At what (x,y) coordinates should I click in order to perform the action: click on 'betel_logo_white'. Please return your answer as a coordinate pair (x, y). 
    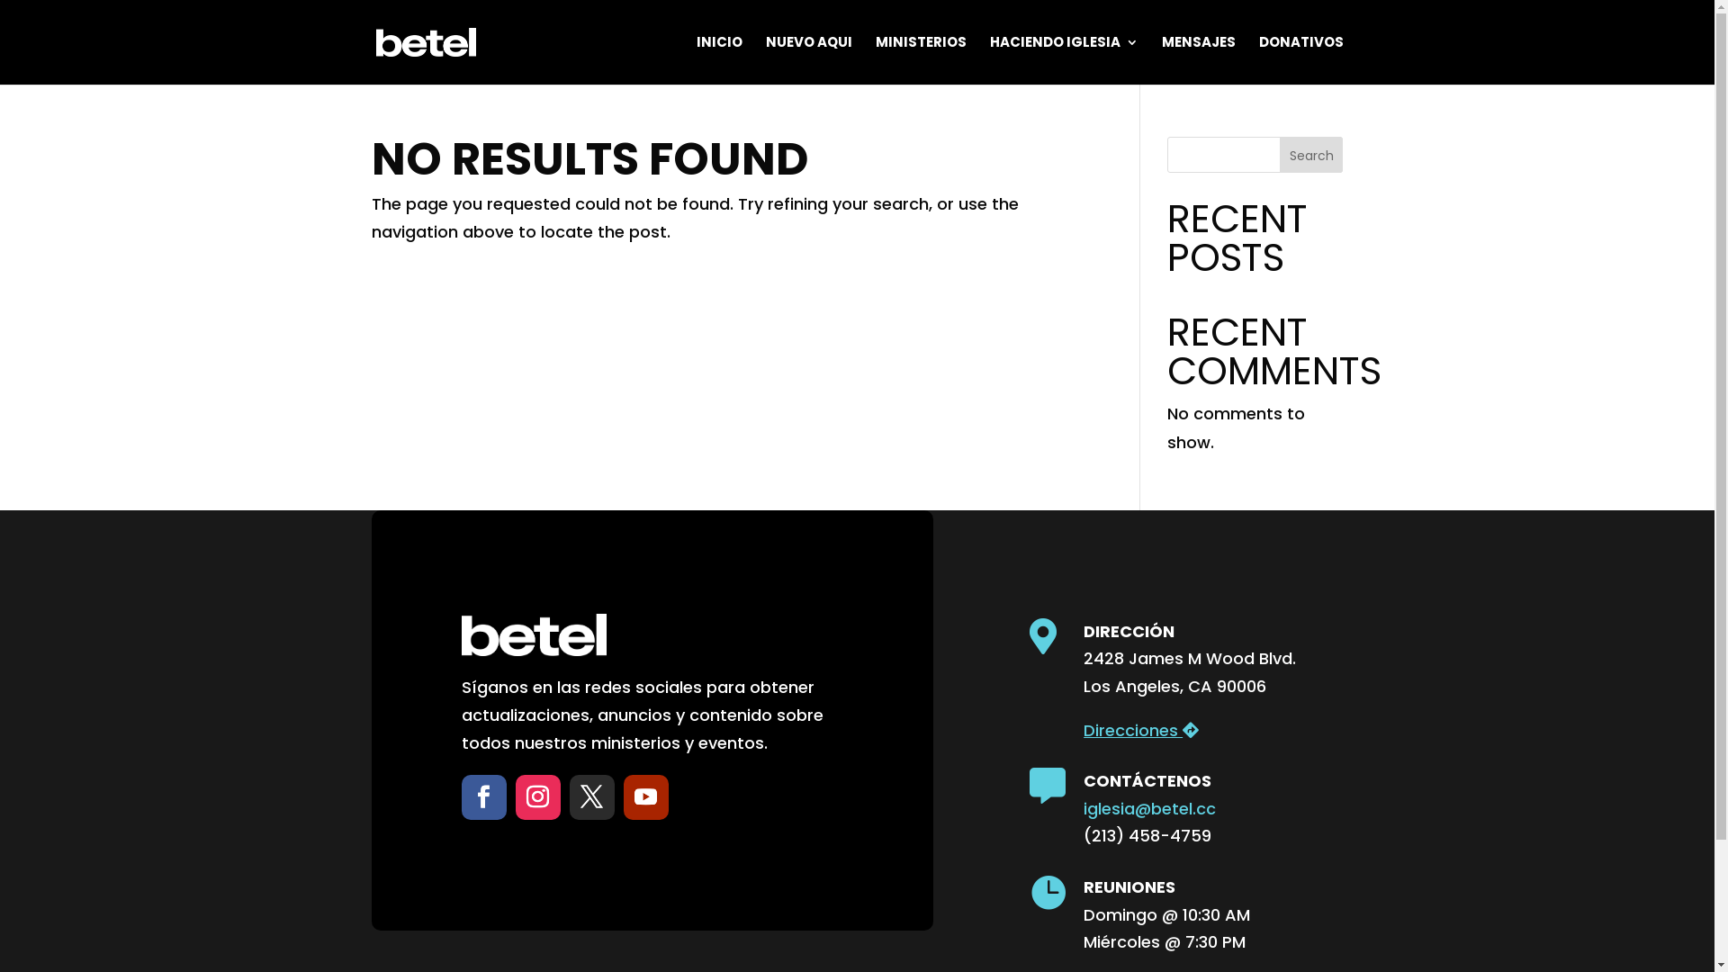
    Looking at the image, I should click on (532, 634).